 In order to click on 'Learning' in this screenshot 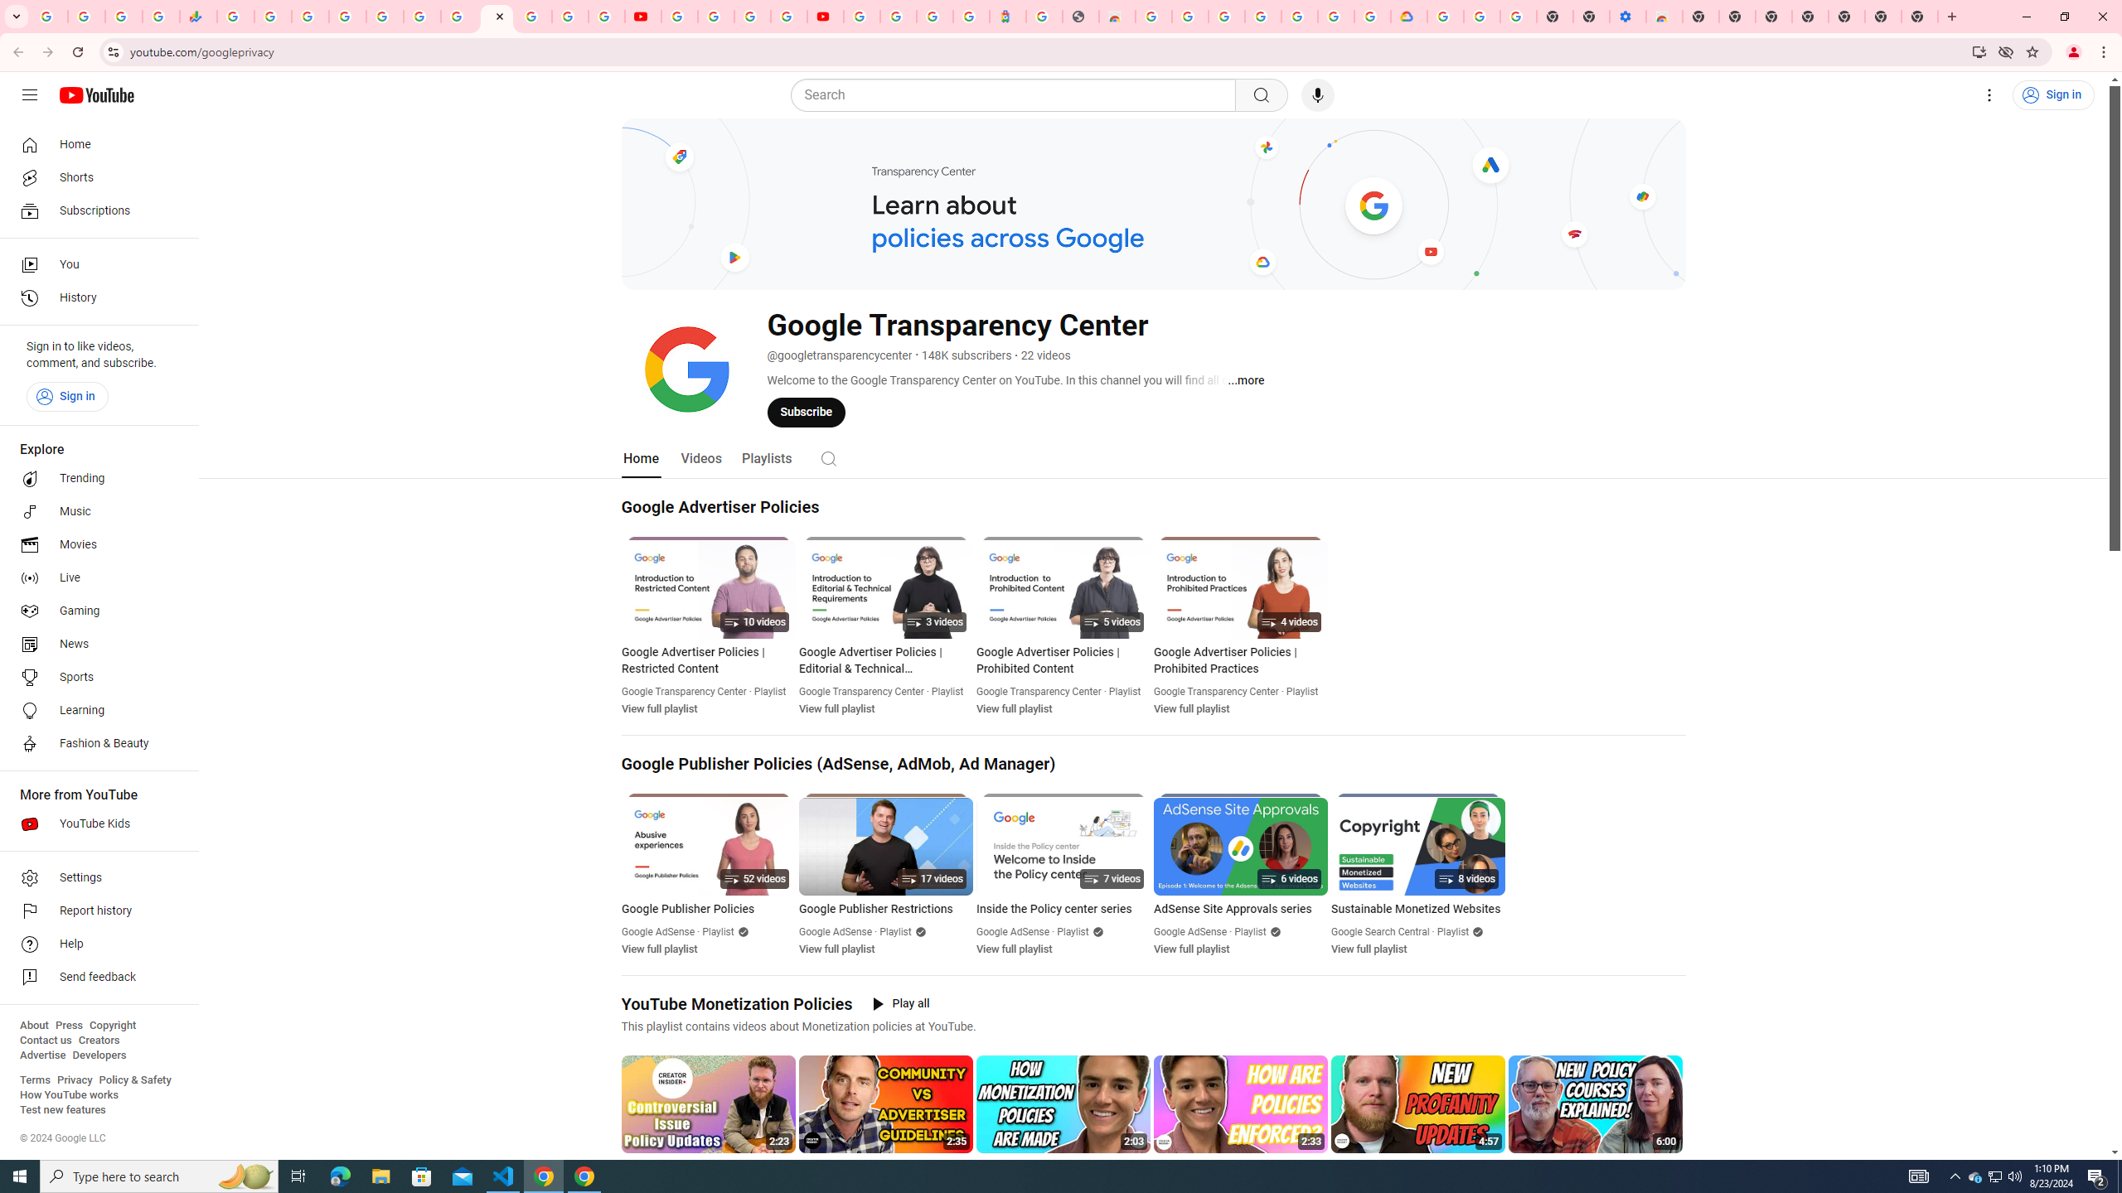, I will do `click(94, 710)`.